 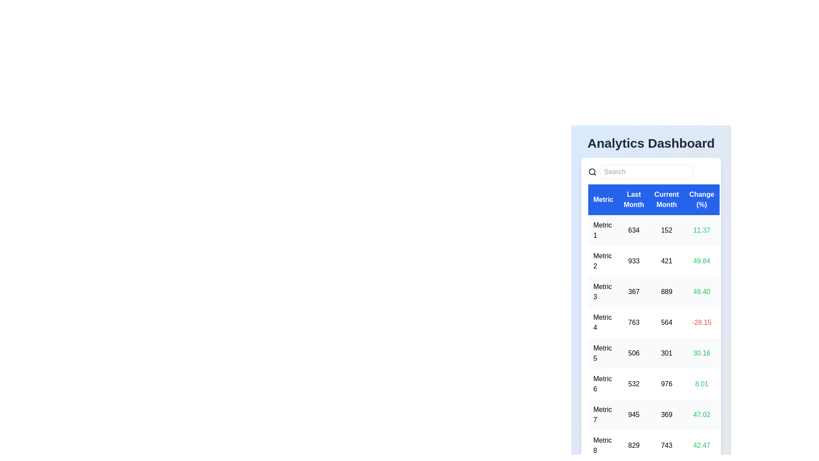 What do you see at coordinates (651, 143) in the screenshot?
I see `the header text 'Analytics Dashboard'` at bounding box center [651, 143].